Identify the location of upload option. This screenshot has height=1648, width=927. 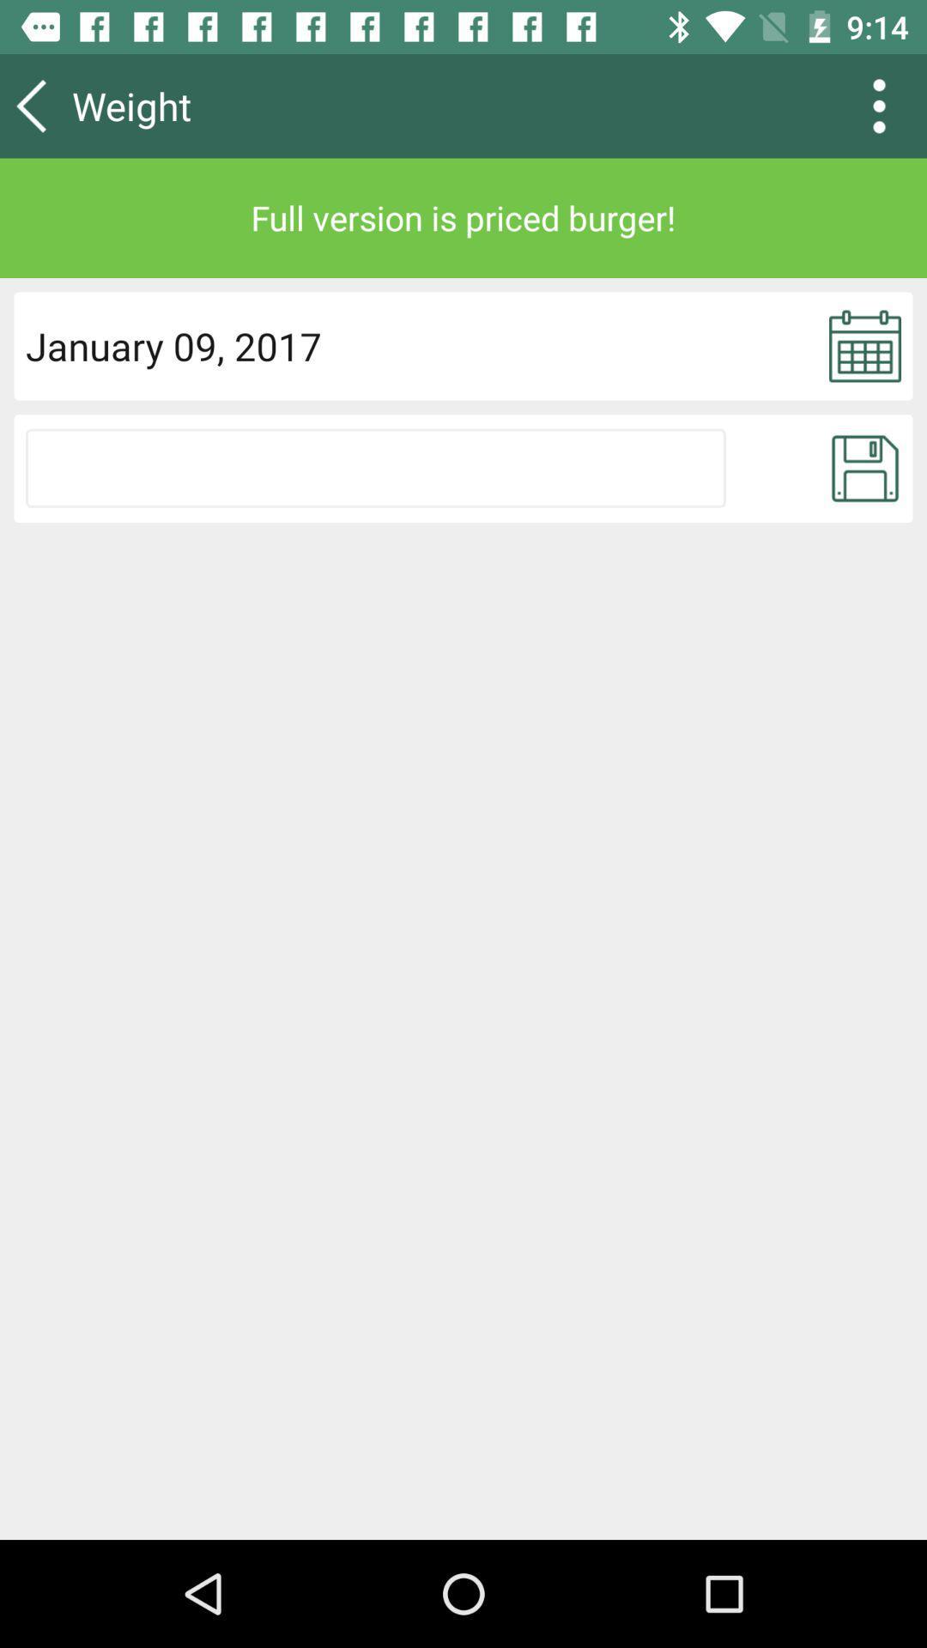
(375, 468).